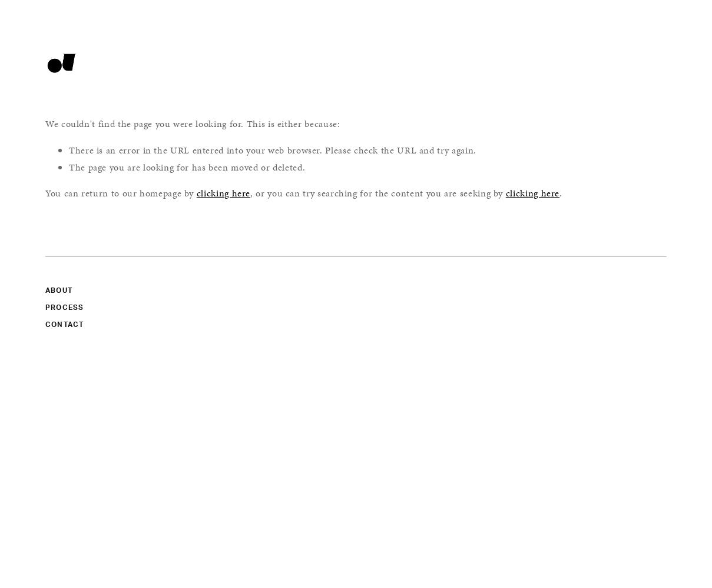  What do you see at coordinates (377, 192) in the screenshot?
I see `', or you can try searching for the
  content you are seeking by'` at bounding box center [377, 192].